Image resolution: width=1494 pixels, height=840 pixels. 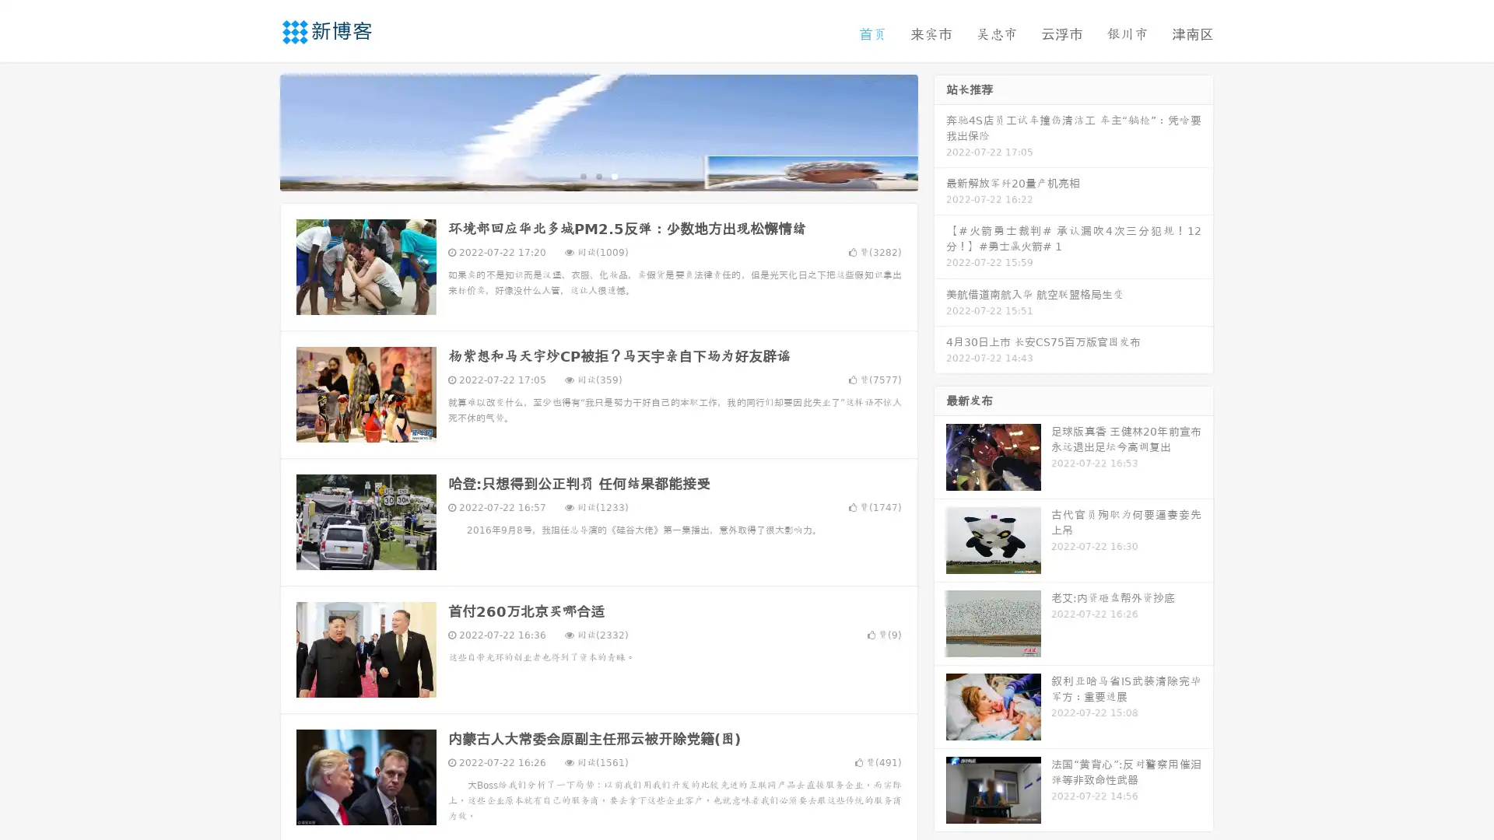 What do you see at coordinates (598, 175) in the screenshot?
I see `Go to slide 2` at bounding box center [598, 175].